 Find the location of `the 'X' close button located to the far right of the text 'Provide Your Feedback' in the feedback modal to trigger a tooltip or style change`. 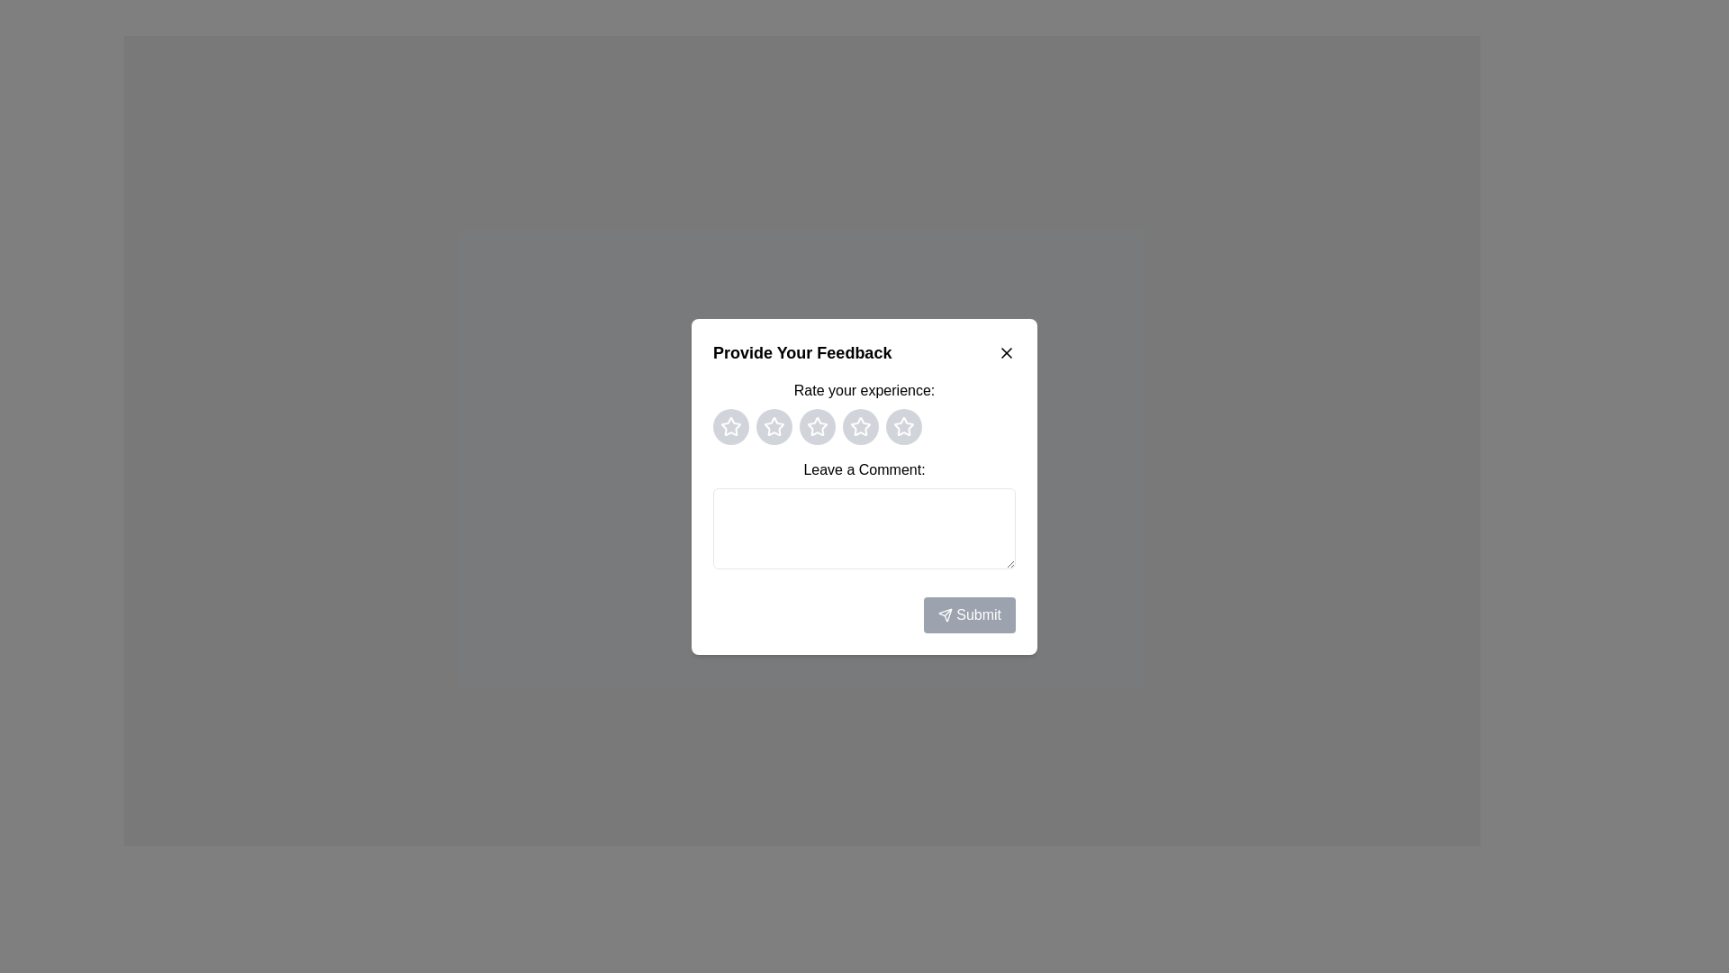

the 'X' close button located to the far right of the text 'Provide Your Feedback' in the feedback modal to trigger a tooltip or style change is located at coordinates (1006, 352).